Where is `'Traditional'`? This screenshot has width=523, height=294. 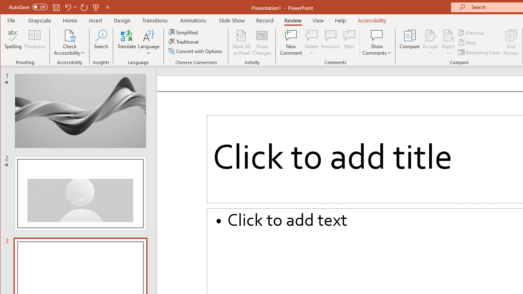
'Traditional' is located at coordinates (184, 42).